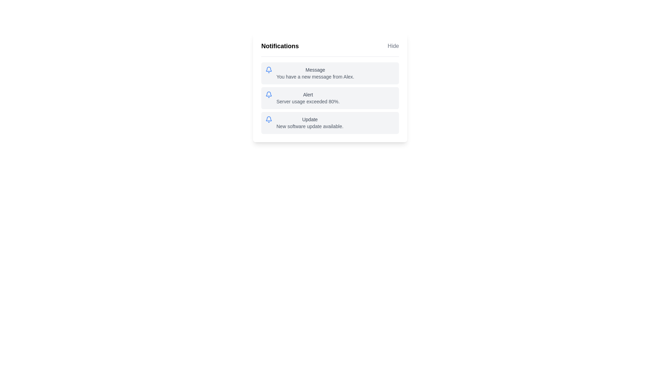 The width and height of the screenshot is (661, 372). What do you see at coordinates (330, 87) in the screenshot?
I see `notification message regarding server usage exceeding 80%, which is the second item in the notification list` at bounding box center [330, 87].